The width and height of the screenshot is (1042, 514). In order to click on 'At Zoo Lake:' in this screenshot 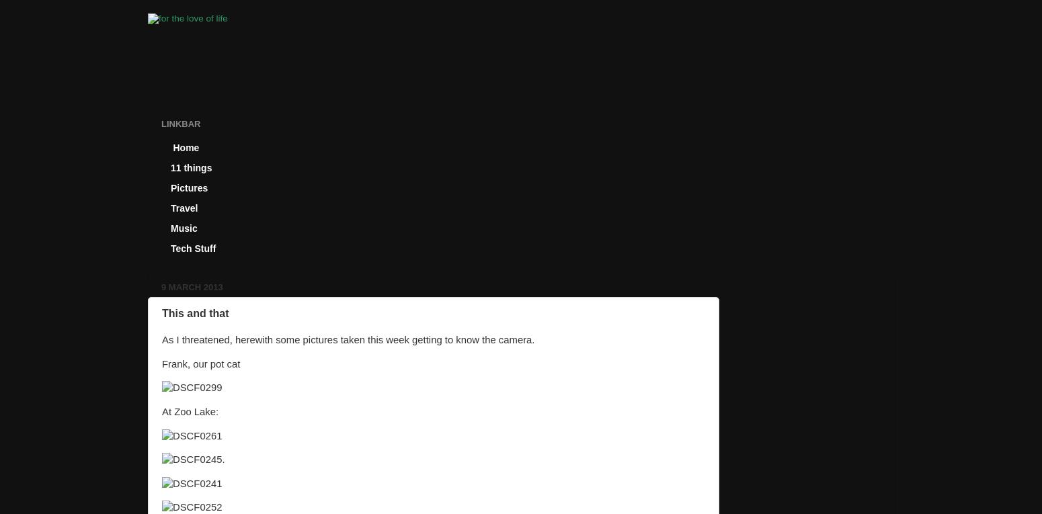, I will do `click(190, 411)`.